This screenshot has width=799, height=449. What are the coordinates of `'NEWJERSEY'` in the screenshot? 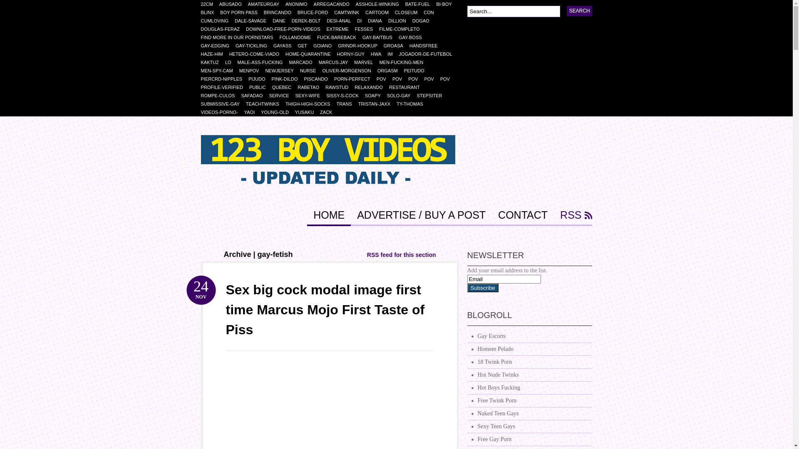 It's located at (282, 70).